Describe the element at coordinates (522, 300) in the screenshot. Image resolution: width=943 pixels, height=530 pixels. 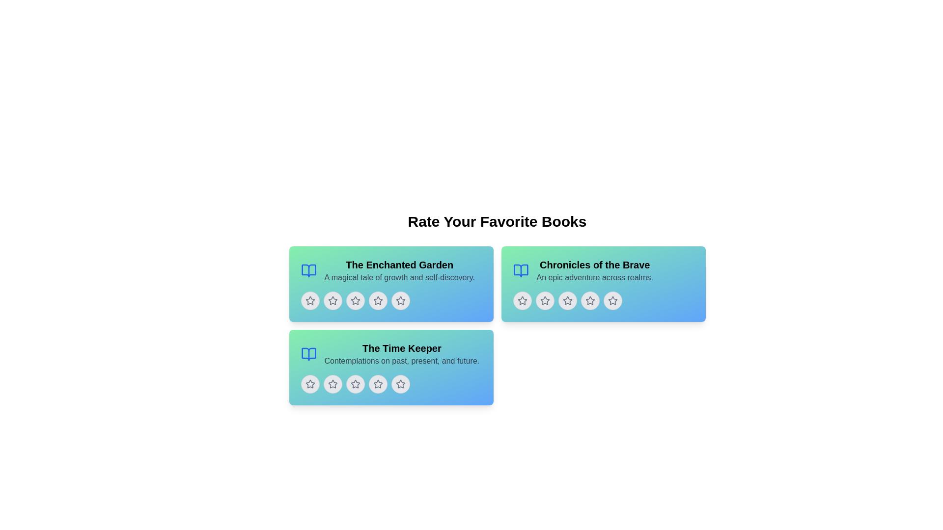
I see `the circular button with a star icon in the center, styled with a light gray background, to rate the item in the 'Chronicles of the Brave' card` at that location.